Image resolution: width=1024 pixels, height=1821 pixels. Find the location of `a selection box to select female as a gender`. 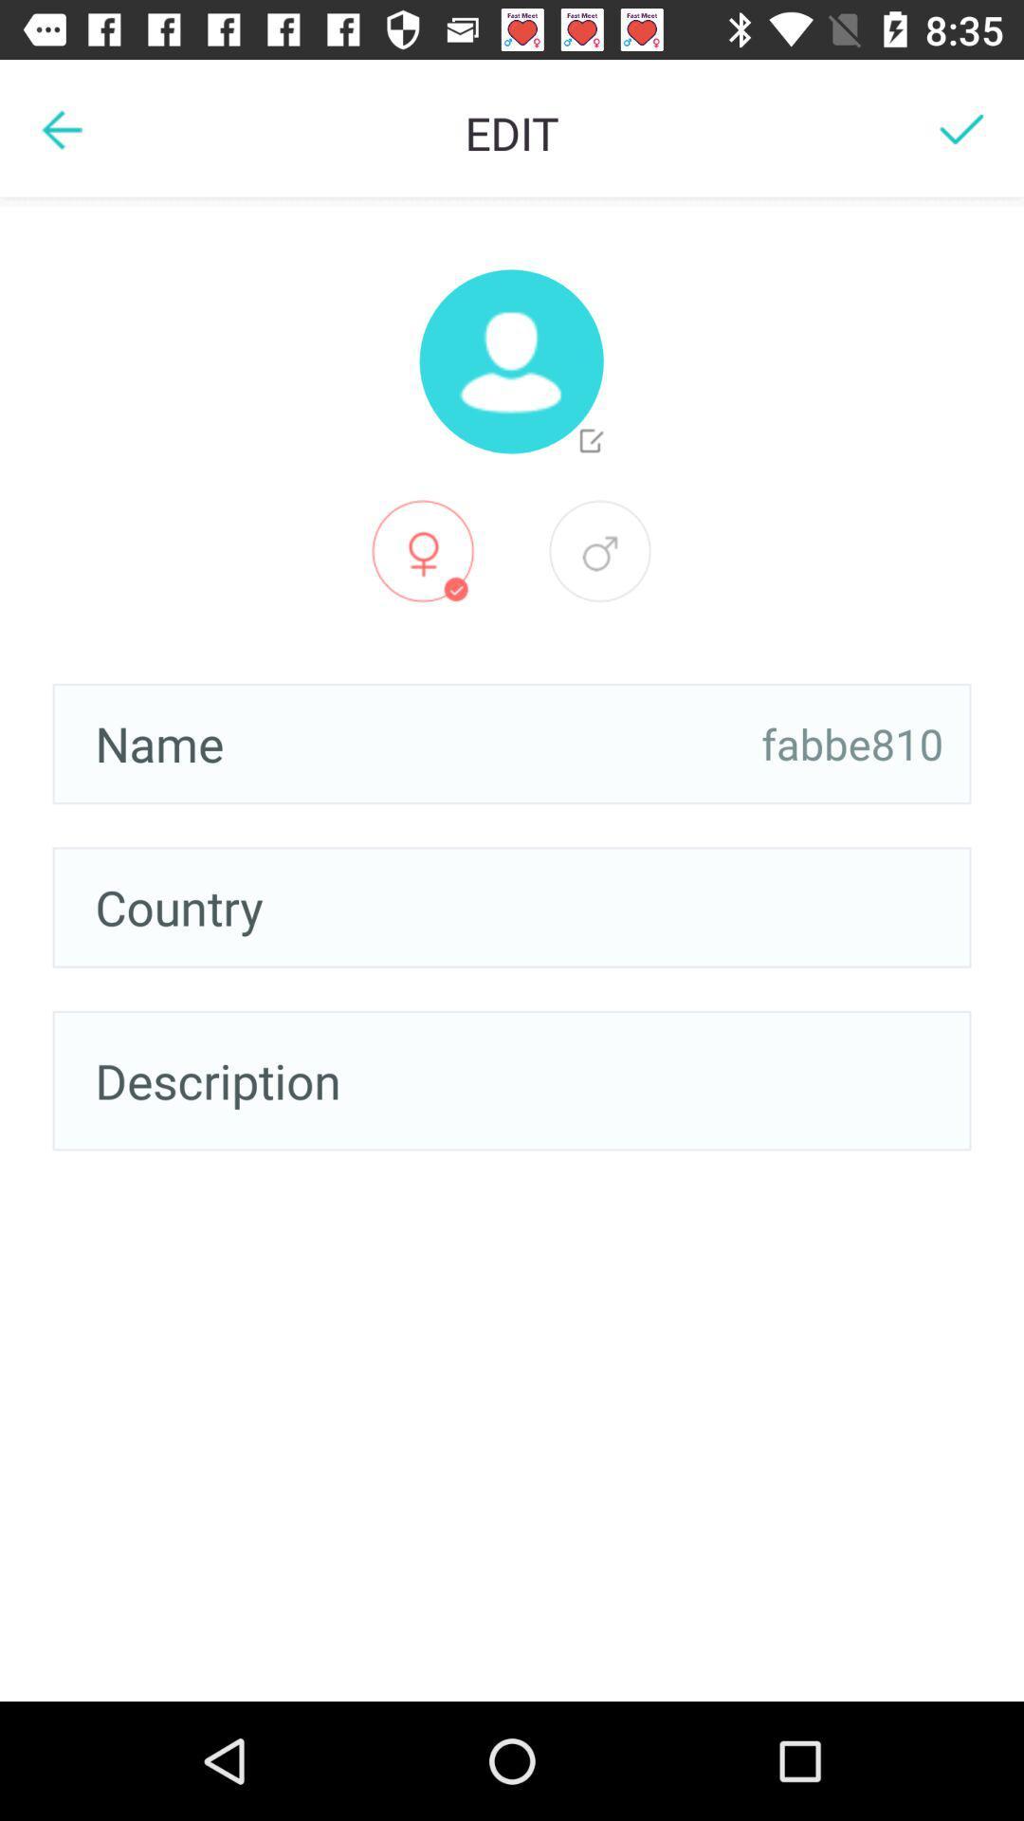

a selection box to select female as a gender is located at coordinates (422, 550).